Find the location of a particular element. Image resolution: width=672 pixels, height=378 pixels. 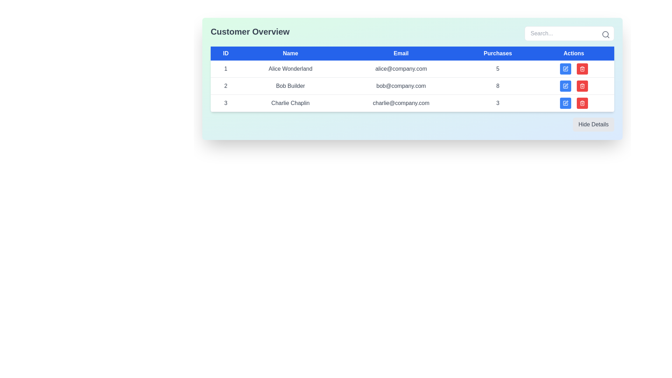

the red rectangular button with a trash icon, which is the second button in the 'Actions' column of Bob Builder's information row, to observe any visual changes like color darkening is located at coordinates (582, 69).